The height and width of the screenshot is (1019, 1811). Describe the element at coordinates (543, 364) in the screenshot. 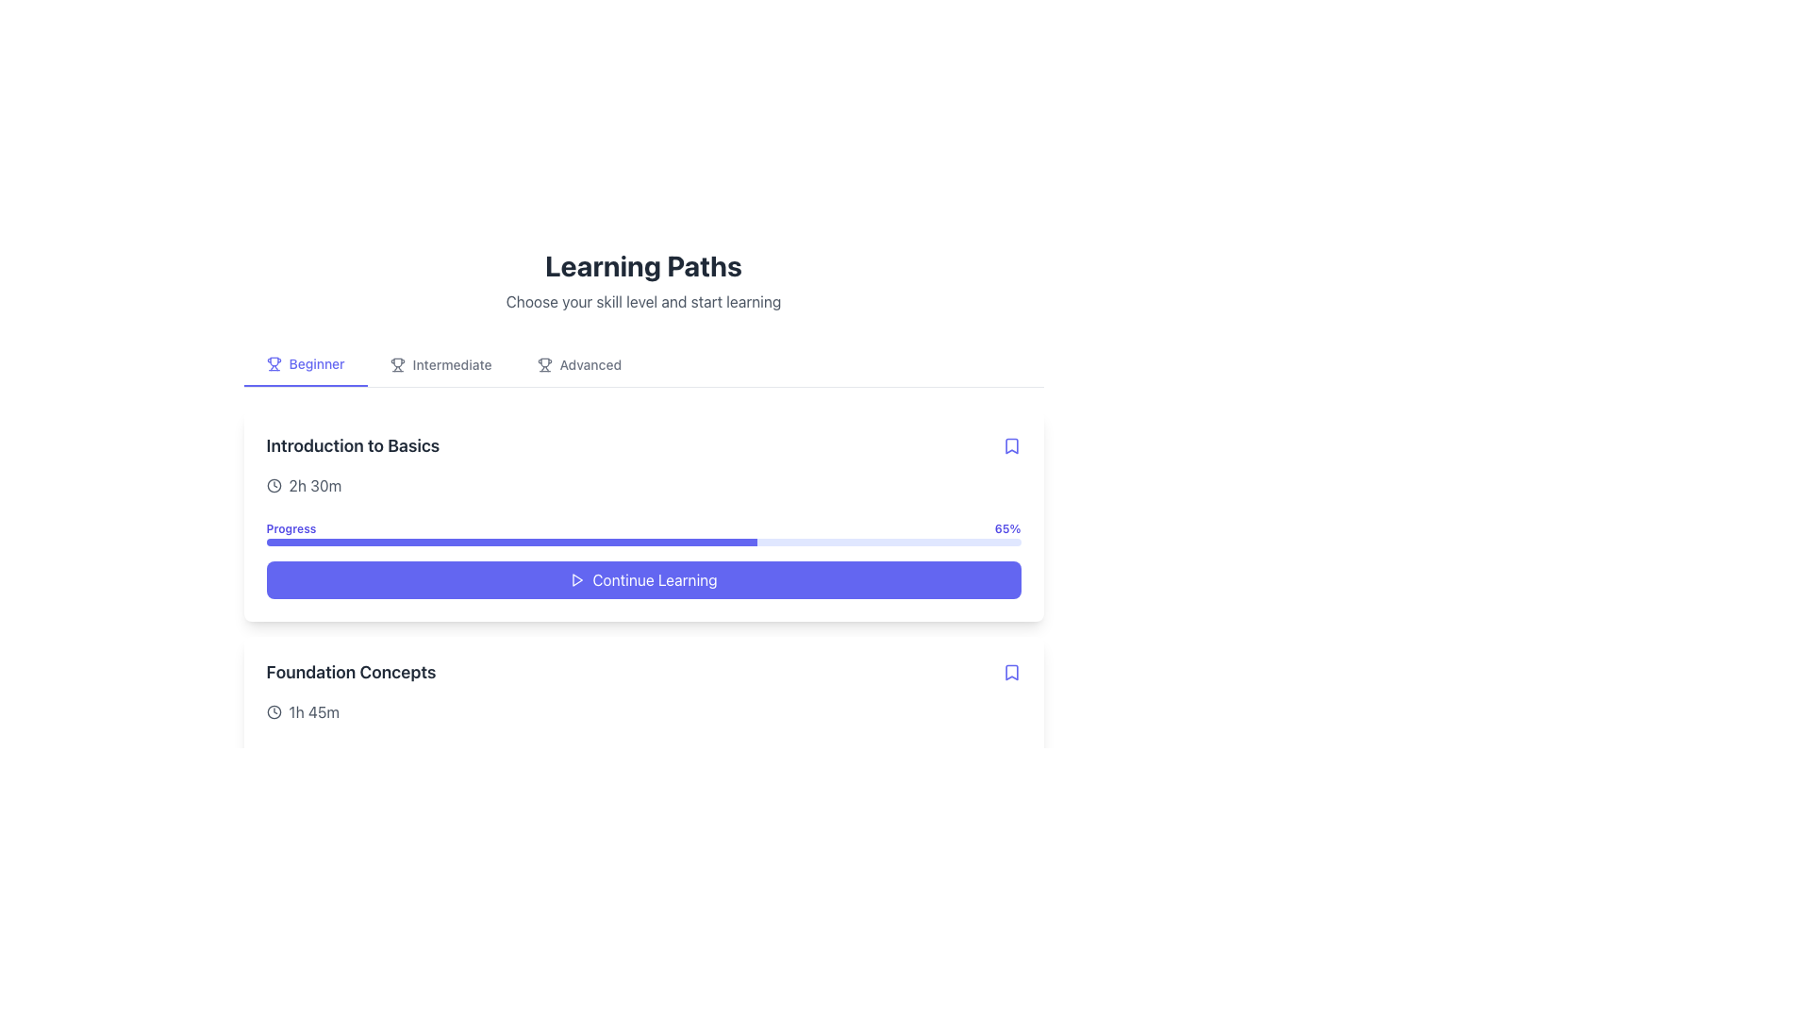

I see `the details of the trophy icon located in the navigation bar preceding the 'Advanced' label in the 'Learning Paths' section` at that location.